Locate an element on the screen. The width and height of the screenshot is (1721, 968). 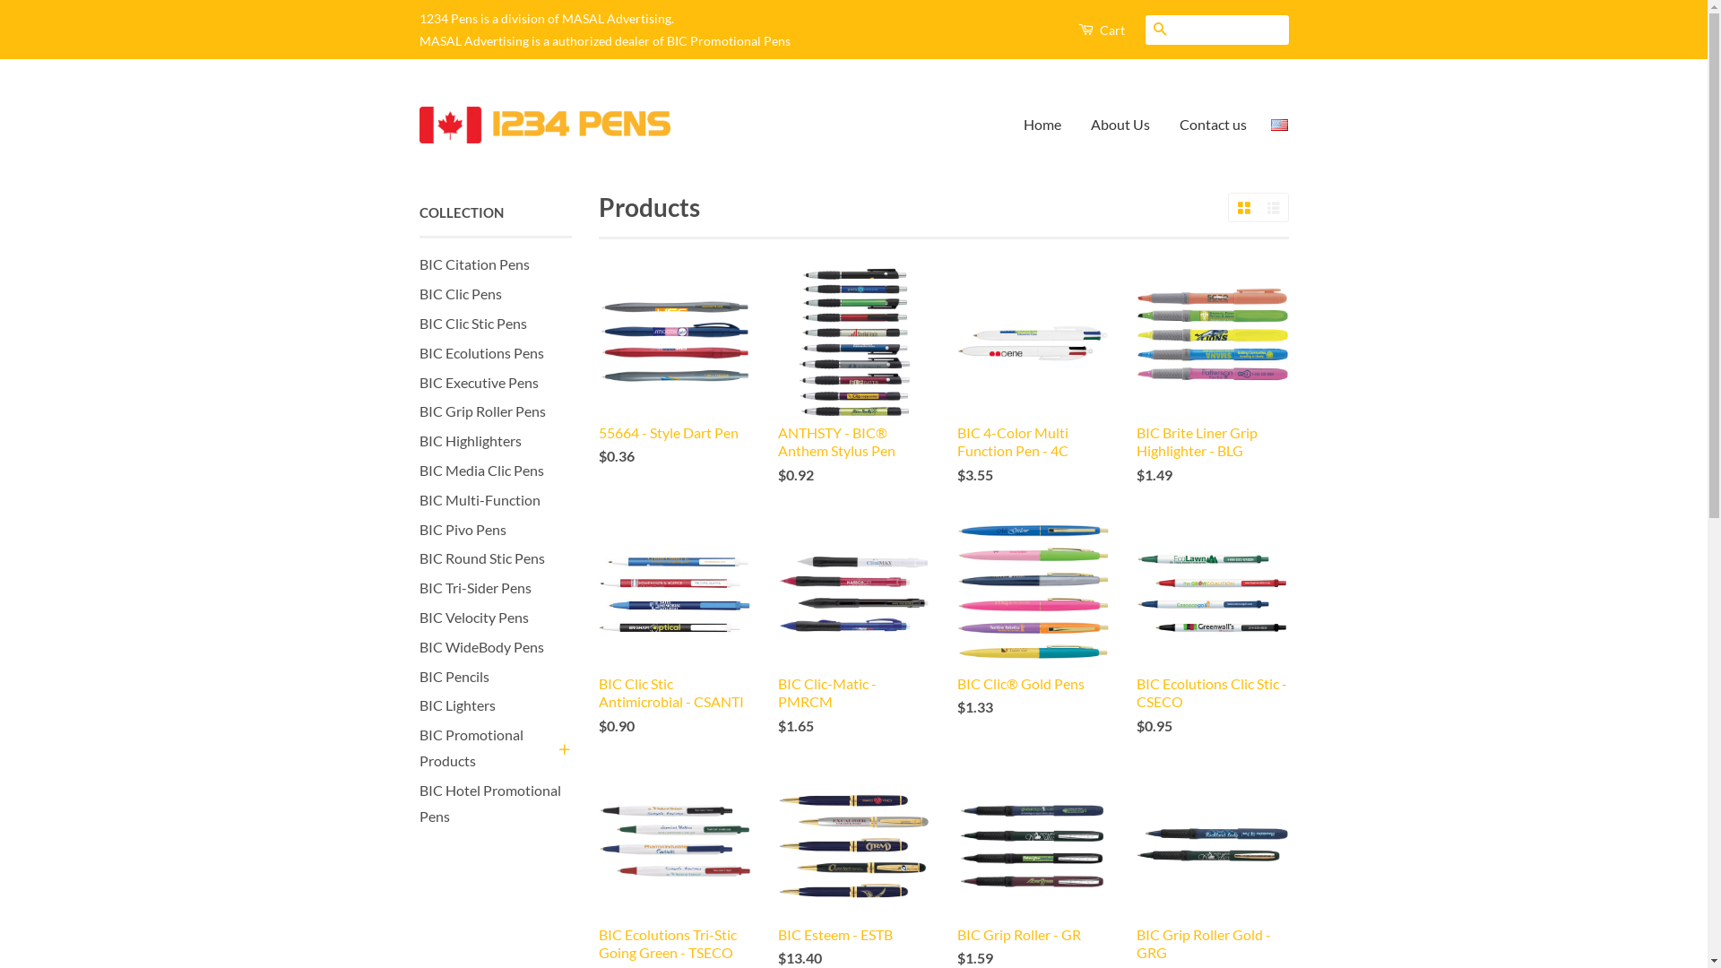
'BIC Hotel Promotional Pens' is located at coordinates (418, 801).